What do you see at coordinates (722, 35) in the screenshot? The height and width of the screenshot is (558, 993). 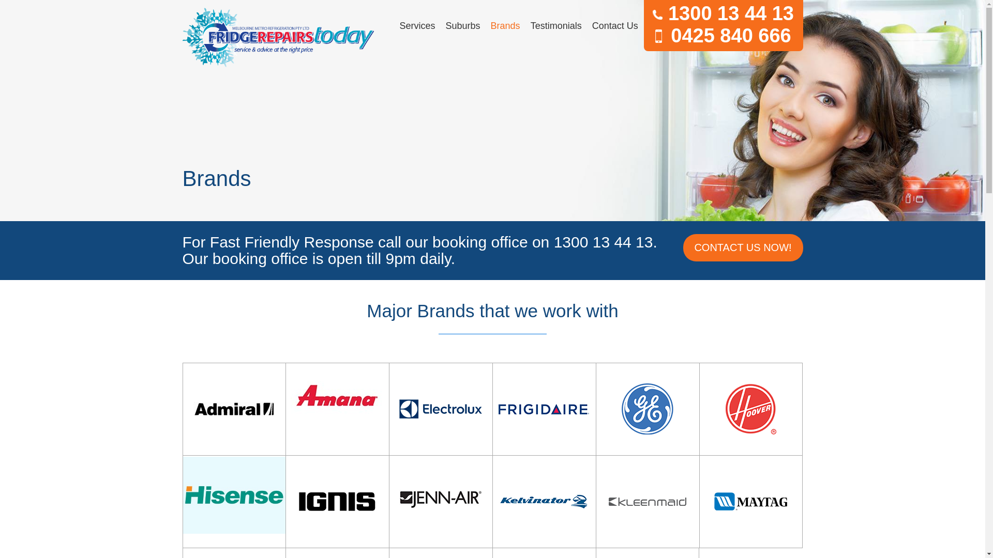 I see `'0425 840 666'` at bounding box center [722, 35].